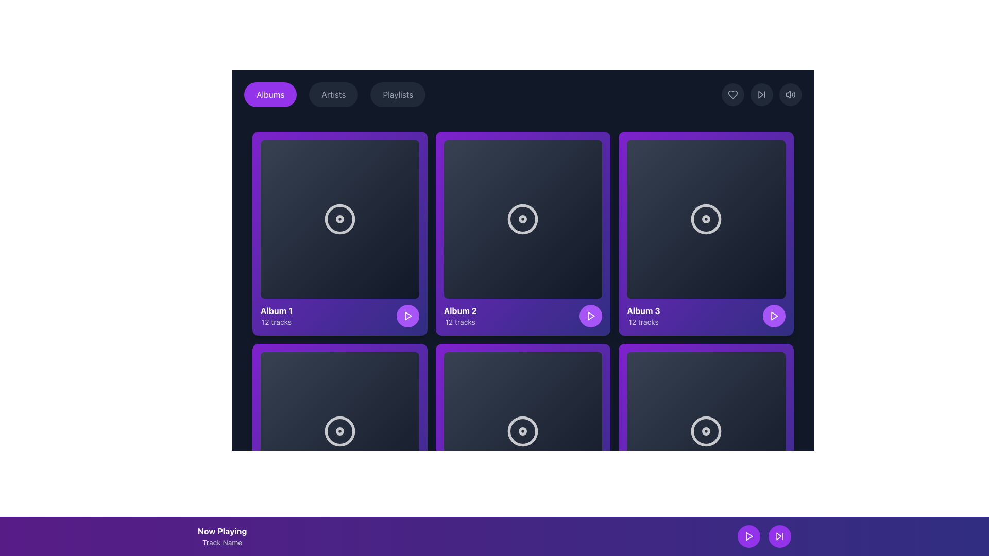 This screenshot has width=989, height=556. What do you see at coordinates (339, 431) in the screenshot?
I see `the static decorative SVG circle that serves as a visual indicator for the compact disc icon, located at the center of the lower-left tile of the grid layout displaying album covers` at bounding box center [339, 431].